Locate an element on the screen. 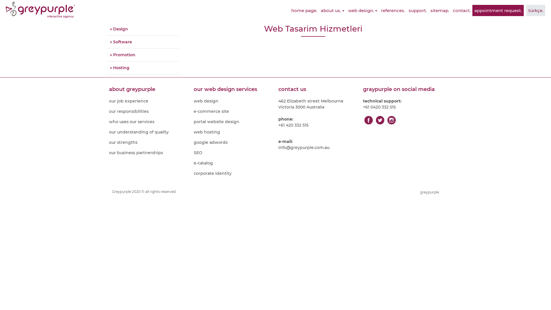 This screenshot has height=310, width=551. 'contact.' is located at coordinates (461, 10).